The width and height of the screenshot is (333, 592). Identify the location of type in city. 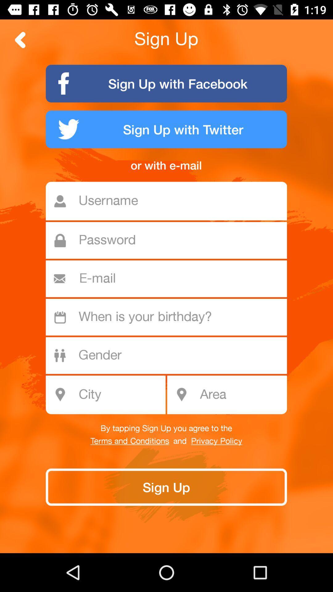
(109, 395).